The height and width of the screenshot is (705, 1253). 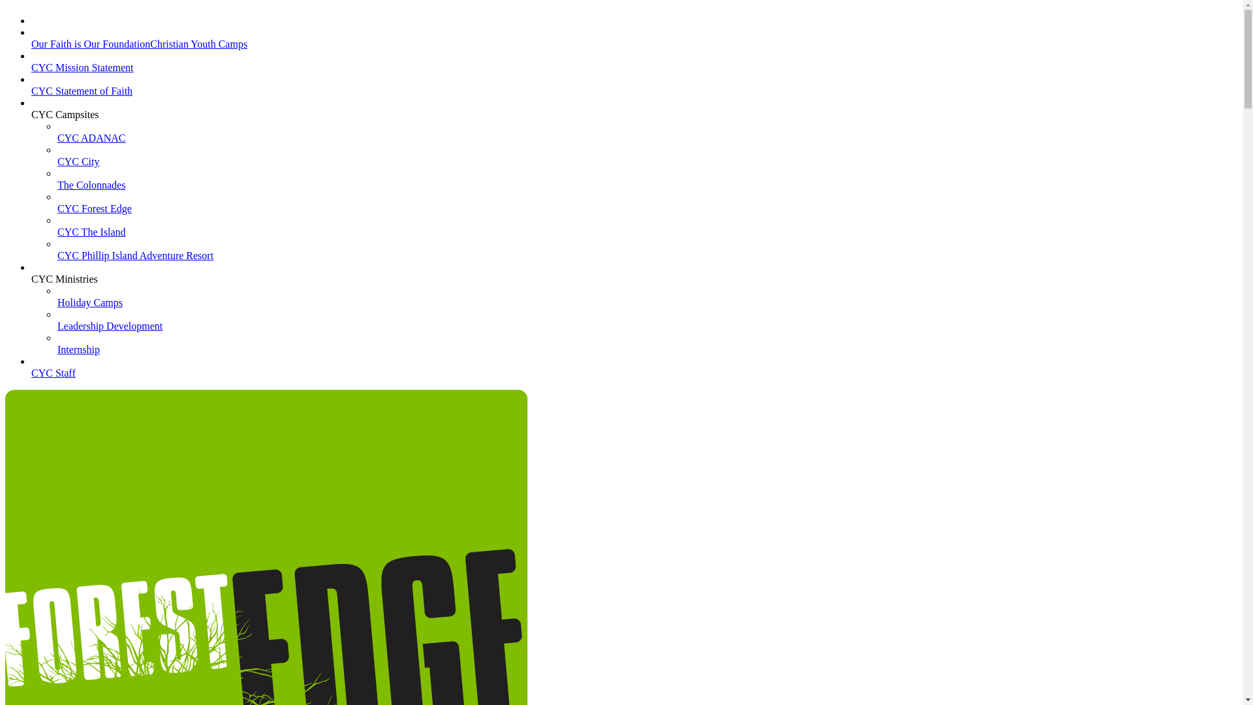 What do you see at coordinates (135, 261) in the screenshot?
I see `'CYC Phillip Island Adventure Resort'` at bounding box center [135, 261].